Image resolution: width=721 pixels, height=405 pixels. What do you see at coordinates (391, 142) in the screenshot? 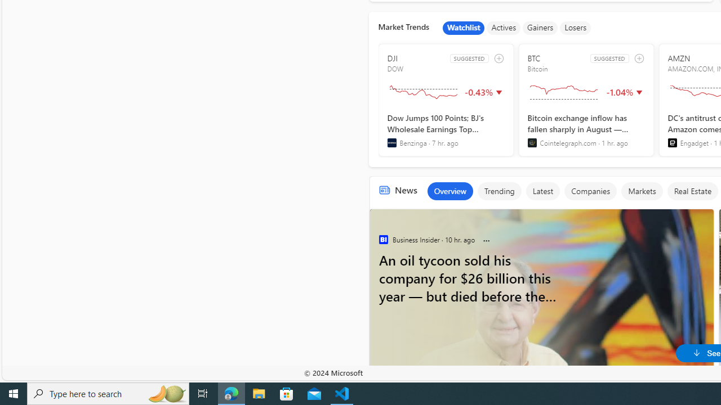
I see `'Benzinga'` at bounding box center [391, 142].